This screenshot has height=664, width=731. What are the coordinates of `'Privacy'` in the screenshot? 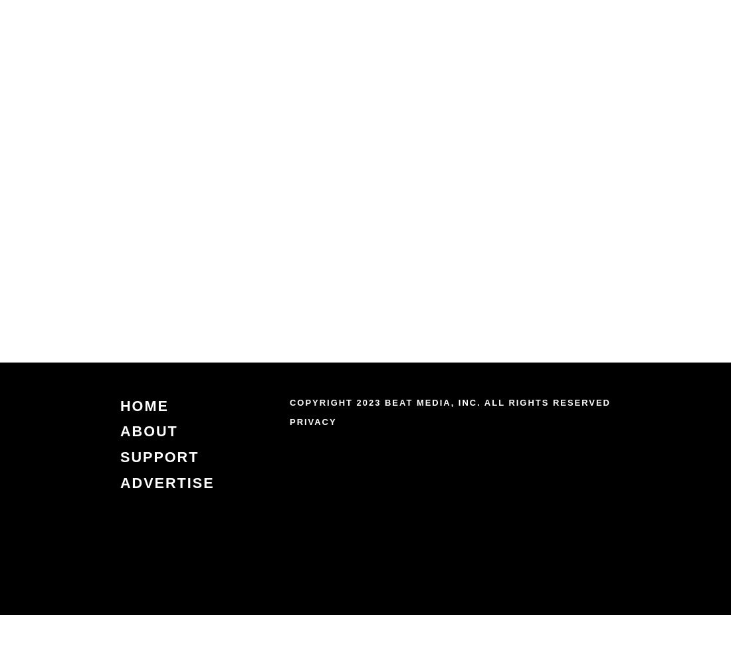 It's located at (312, 421).